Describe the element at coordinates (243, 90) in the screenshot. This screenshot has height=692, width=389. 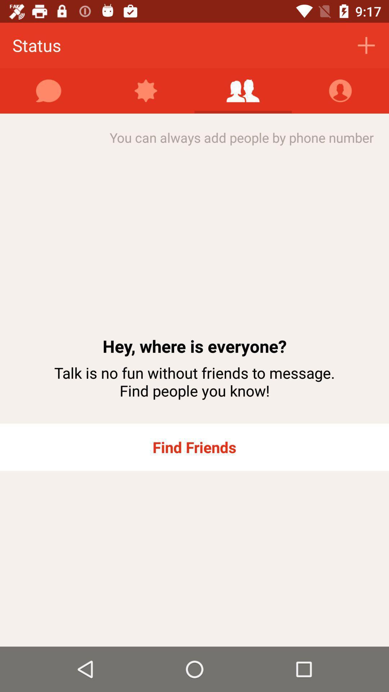
I see `the group icon` at that location.